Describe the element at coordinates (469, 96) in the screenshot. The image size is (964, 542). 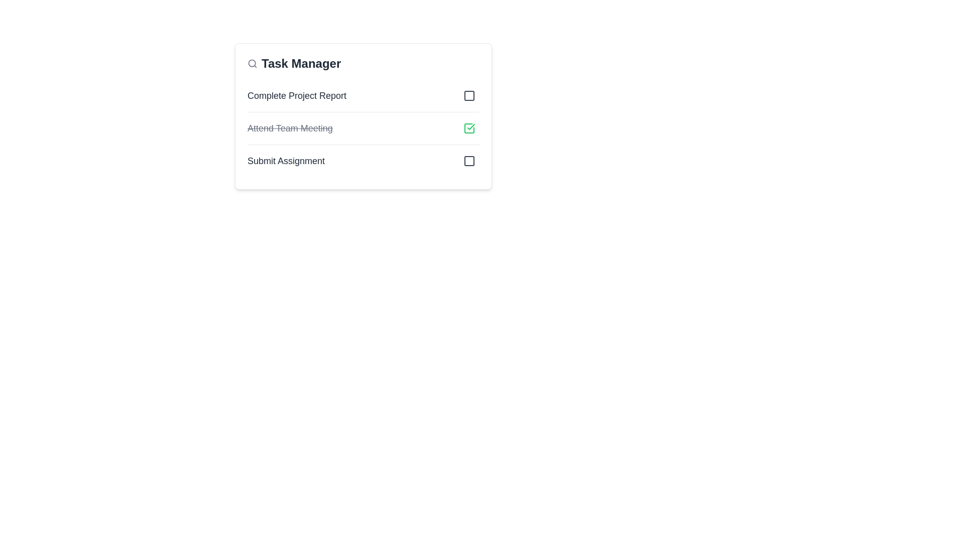
I see `the gray square icon with rounded corners located to the right of the text 'Complete Project Report' in the task management UI` at that location.